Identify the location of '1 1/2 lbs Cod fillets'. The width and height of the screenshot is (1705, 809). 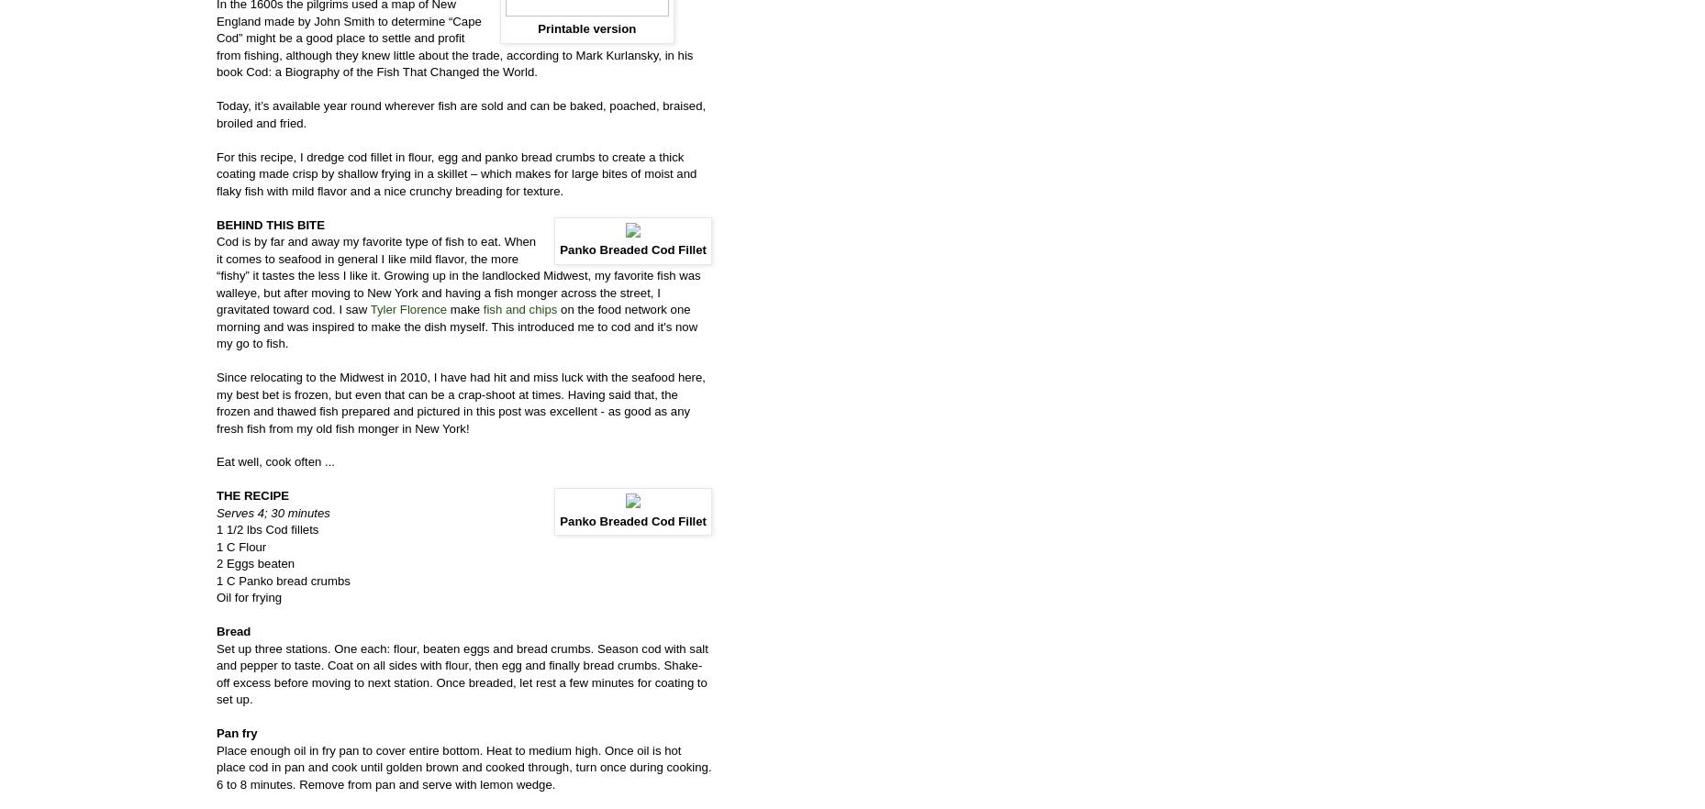
(215, 529).